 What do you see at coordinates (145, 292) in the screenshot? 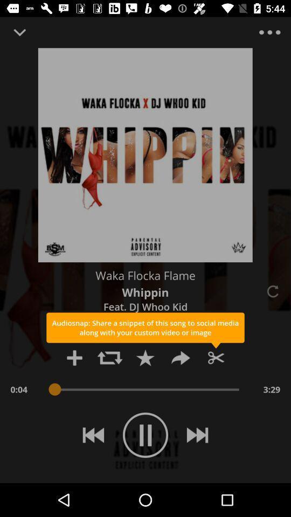
I see `the text beside the reload icon` at bounding box center [145, 292].